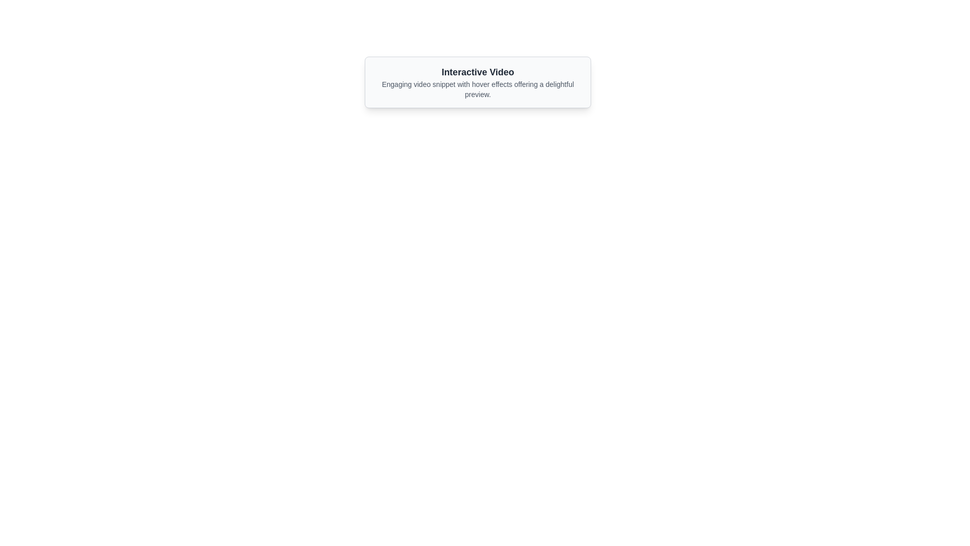  Describe the element at coordinates (477, 89) in the screenshot. I see `text label that displays 'Engaging video snippet with hover effects offering a delightful preview.' positioned below the 'Interactive Video' text element` at that location.